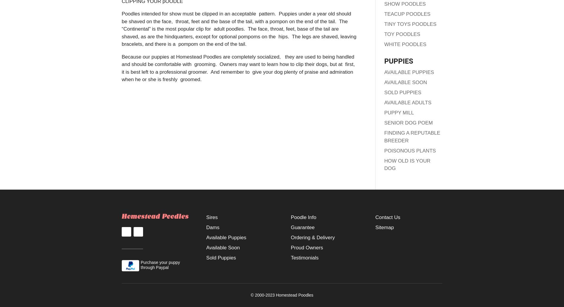  What do you see at coordinates (238, 68) in the screenshot?
I see `'Because our puppies at Homestead Poodles are completely socialized,   they are used to being handled and should be comfortable with  grooming.  Owners may want to learn how to clip their dogs, but at  first, it is best left to a professional groomer.  And remember to  give your dog plenty of praise and admiration when he or she is freshly  groomed.'` at bounding box center [238, 68].